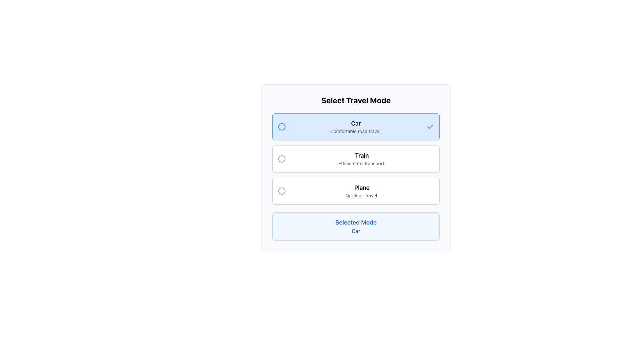 This screenshot has height=354, width=630. I want to click on the 'Car' selection option in the travel mode menu, so click(355, 127).